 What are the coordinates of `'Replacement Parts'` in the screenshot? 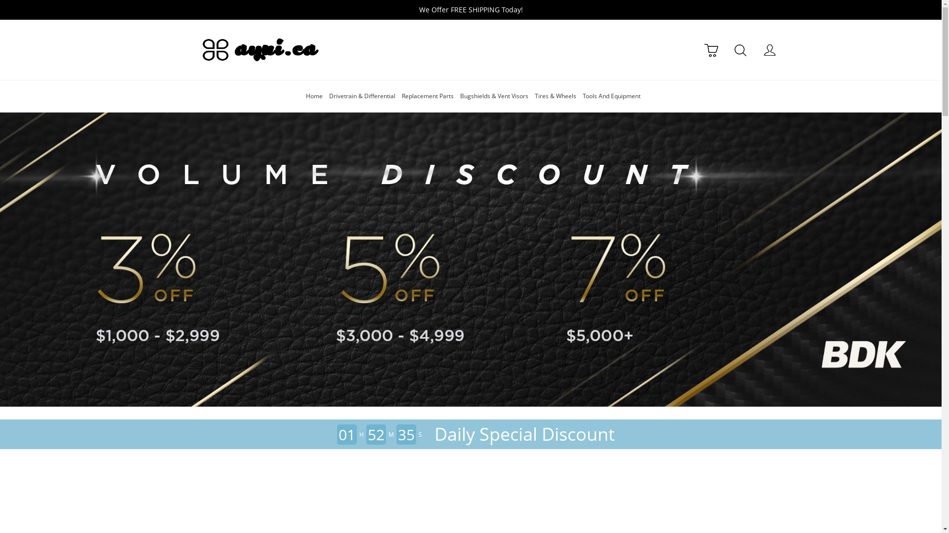 It's located at (428, 96).